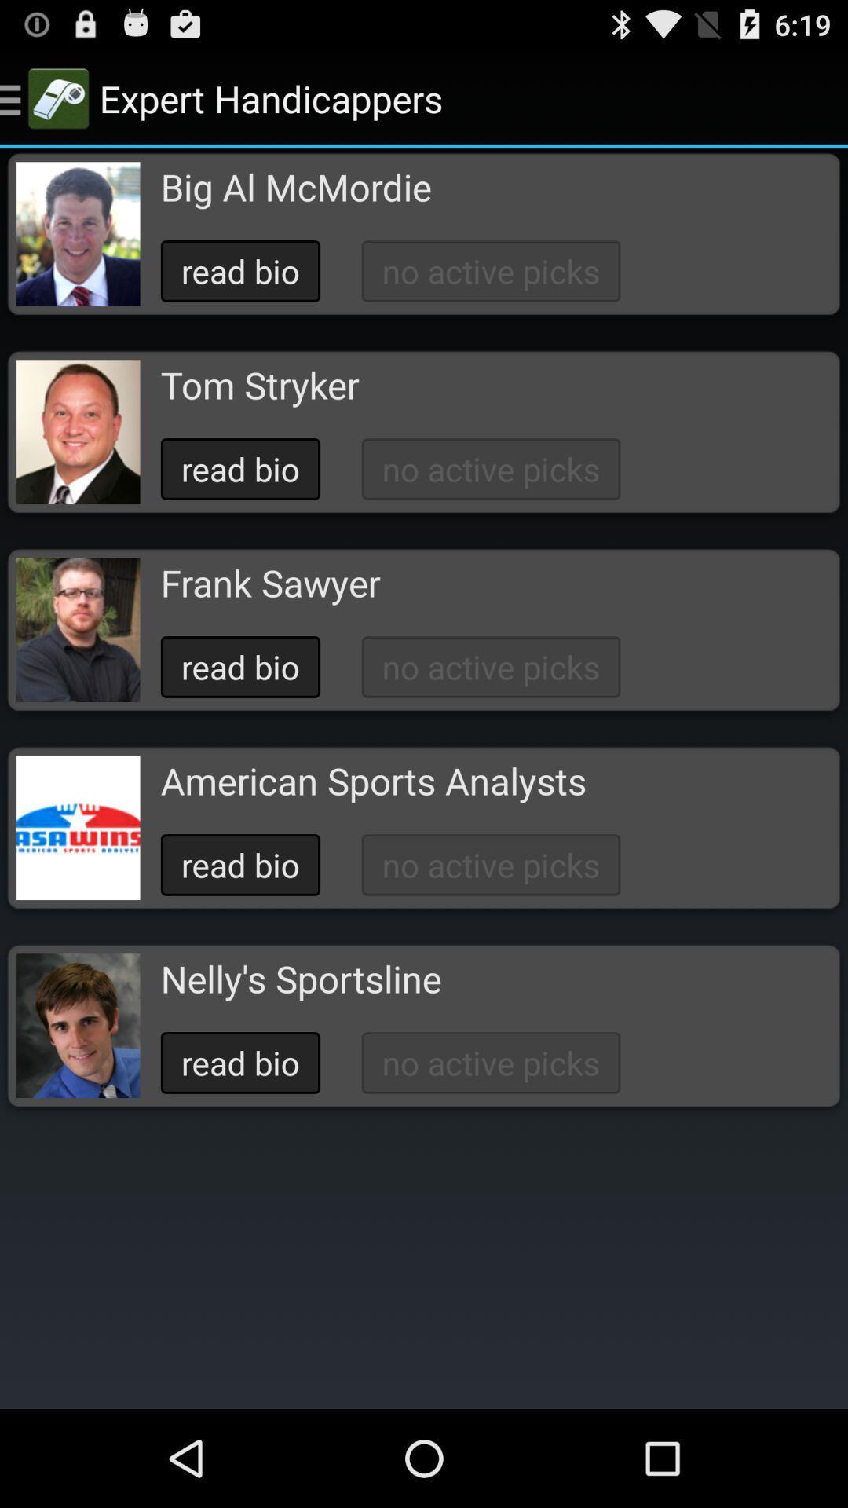 The image size is (848, 1508). I want to click on app below expert handicappers icon, so click(296, 187).